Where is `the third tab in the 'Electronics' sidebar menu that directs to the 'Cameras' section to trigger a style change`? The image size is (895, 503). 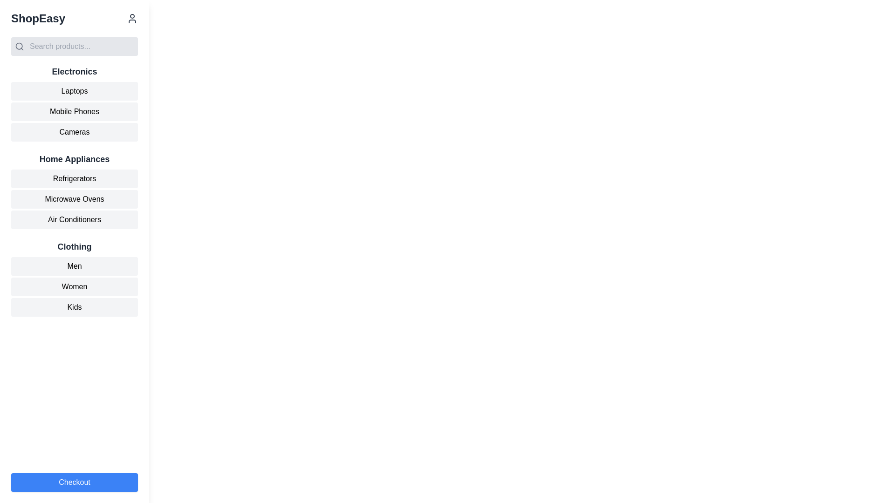 the third tab in the 'Electronics' sidebar menu that directs to the 'Cameras' section to trigger a style change is located at coordinates (74, 132).